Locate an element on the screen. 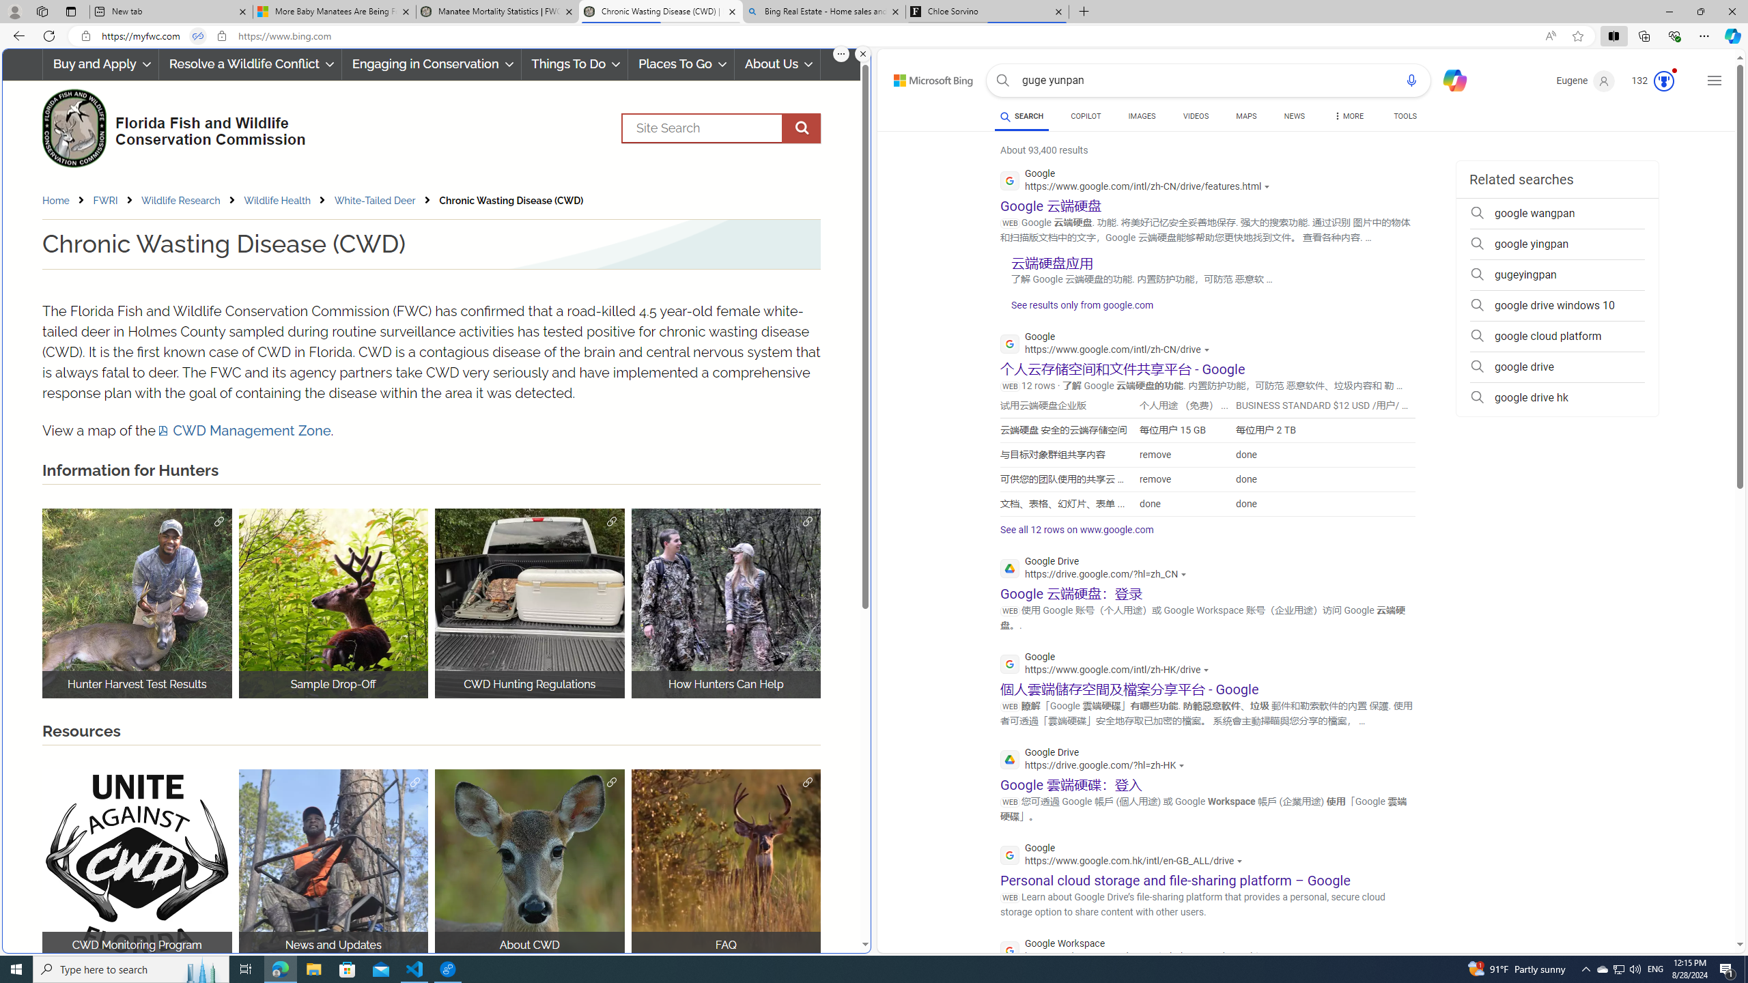  'Home' is located at coordinates (66, 199).